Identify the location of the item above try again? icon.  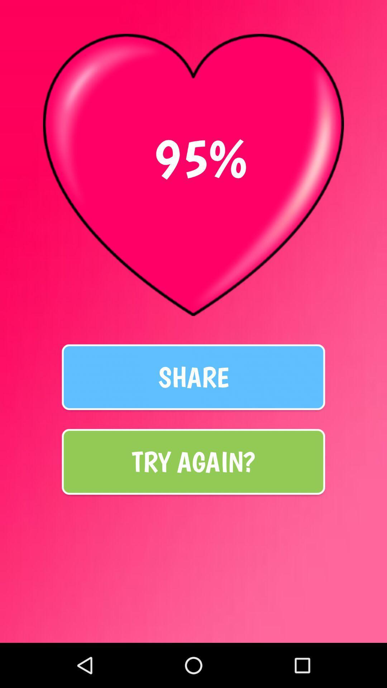
(193, 377).